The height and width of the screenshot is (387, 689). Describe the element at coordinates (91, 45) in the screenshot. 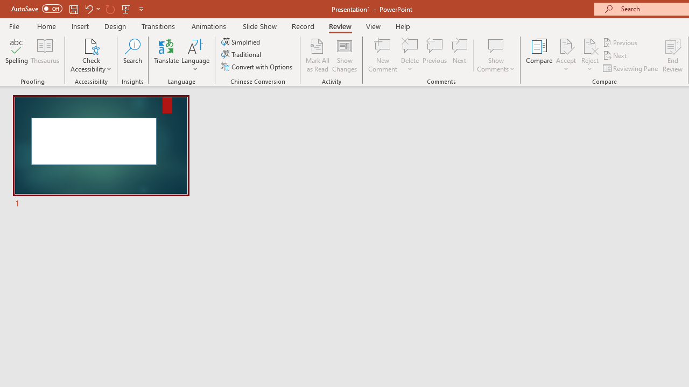

I see `'Check Accessibility'` at that location.